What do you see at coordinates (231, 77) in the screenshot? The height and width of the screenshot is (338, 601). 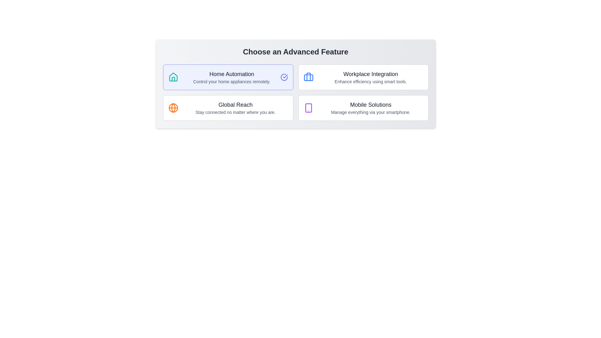 I see `the 'Home Automation' text description element, which contains the bold primary text and smaller secondary text` at bounding box center [231, 77].